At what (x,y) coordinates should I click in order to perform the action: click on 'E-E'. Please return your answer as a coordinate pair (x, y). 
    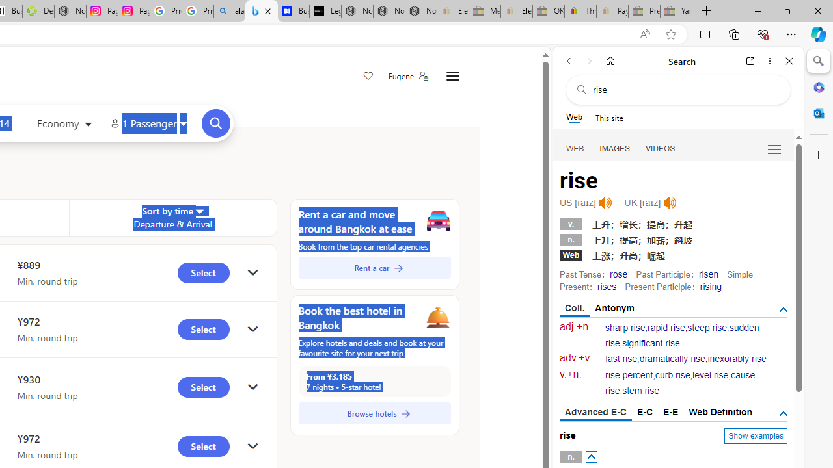
    Looking at the image, I should click on (671, 411).